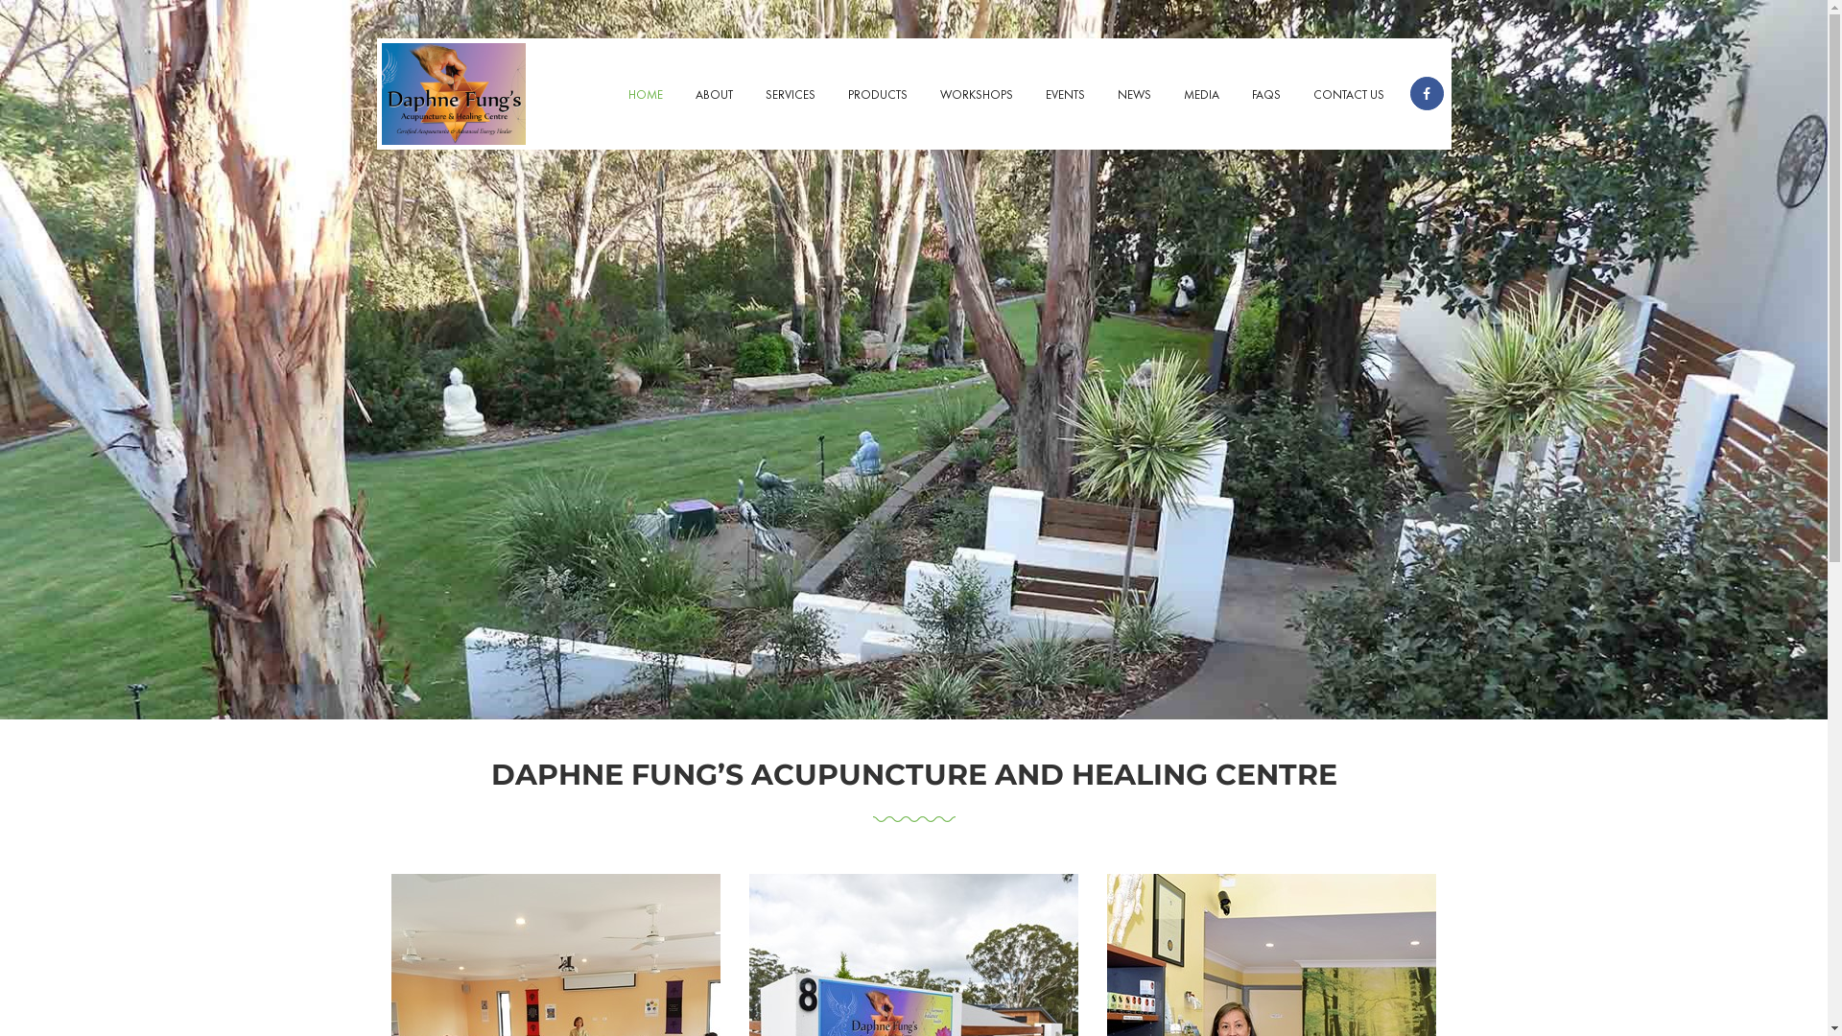 The width and height of the screenshot is (1842, 1036). I want to click on 'HOME', so click(645, 96).